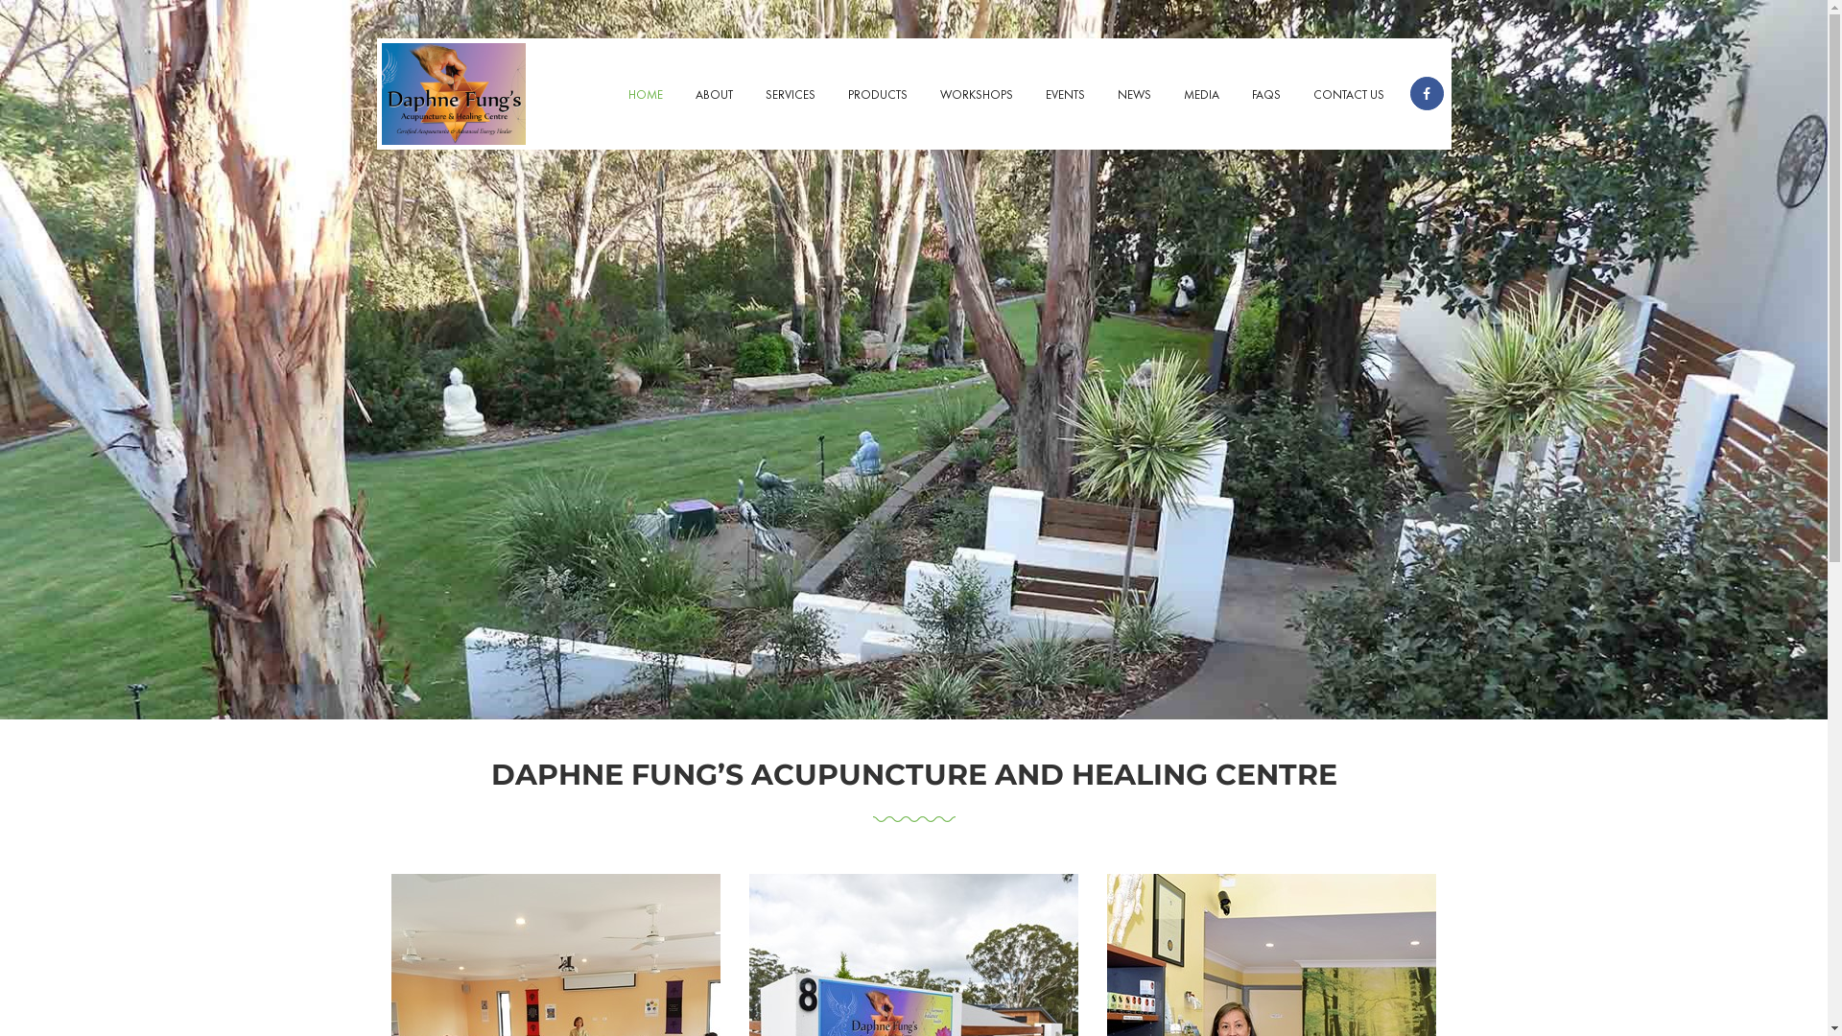 The width and height of the screenshot is (1842, 1036). I want to click on 'HOME', so click(645, 96).